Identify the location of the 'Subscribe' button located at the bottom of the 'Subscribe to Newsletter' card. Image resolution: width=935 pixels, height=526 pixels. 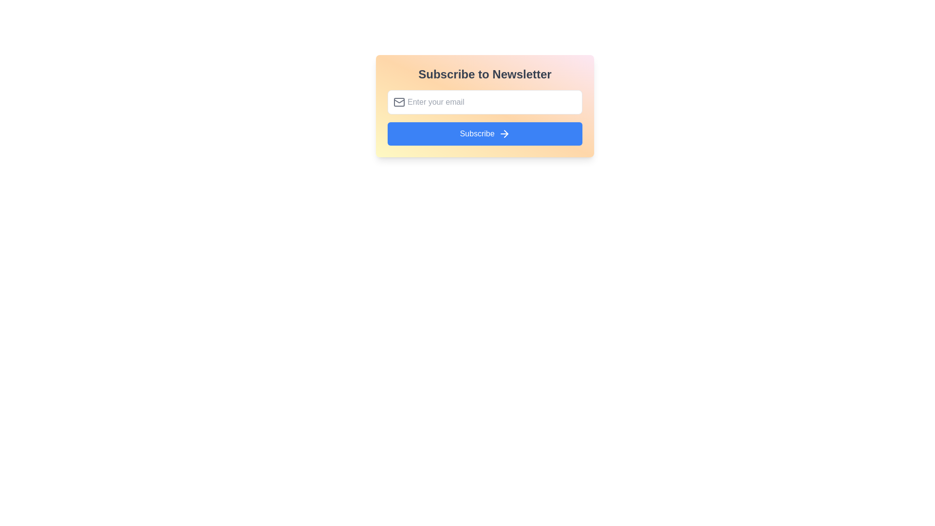
(485, 133).